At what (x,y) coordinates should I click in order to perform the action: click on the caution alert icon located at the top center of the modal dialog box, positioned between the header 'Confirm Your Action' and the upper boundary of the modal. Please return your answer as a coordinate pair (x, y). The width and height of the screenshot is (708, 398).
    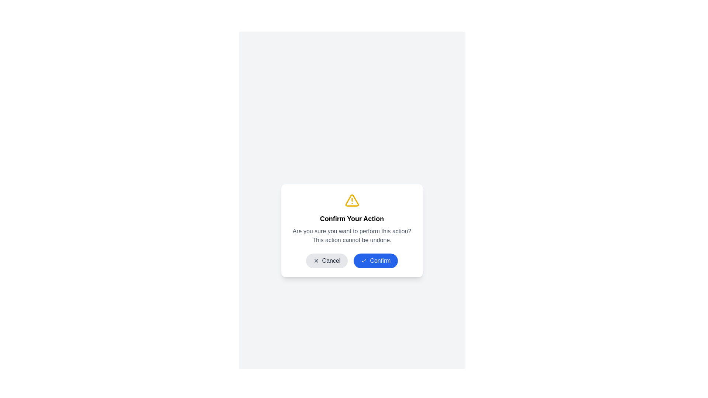
    Looking at the image, I should click on (351, 200).